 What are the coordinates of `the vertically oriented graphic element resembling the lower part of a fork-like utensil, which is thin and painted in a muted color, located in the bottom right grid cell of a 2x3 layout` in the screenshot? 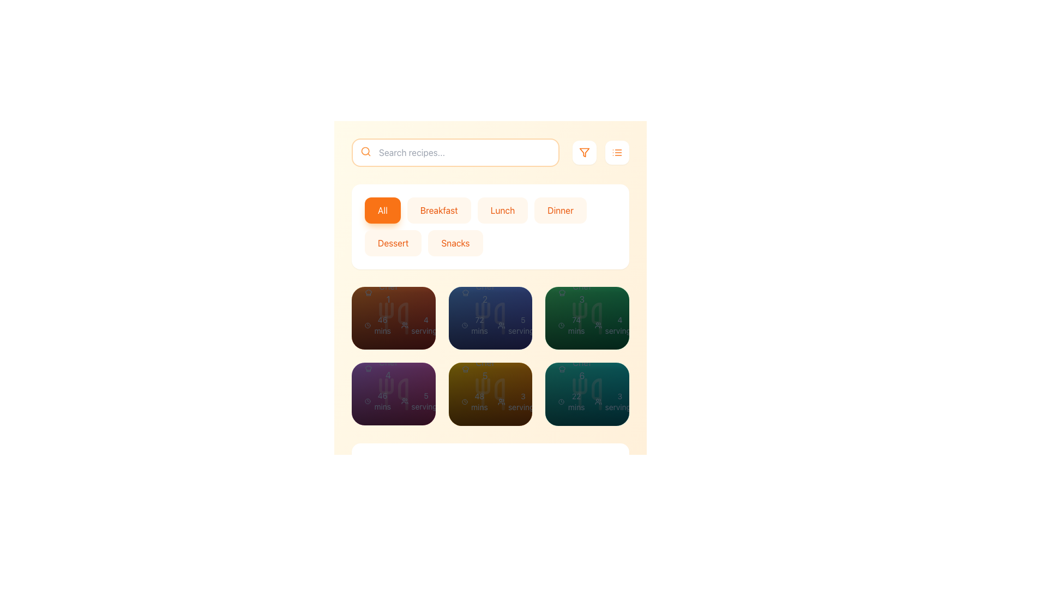 It's located at (483, 386).